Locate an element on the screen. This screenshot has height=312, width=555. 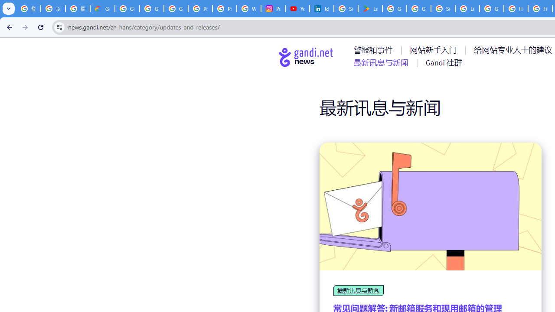
'AutomationID: menu-item-77761' is located at coordinates (375, 50).